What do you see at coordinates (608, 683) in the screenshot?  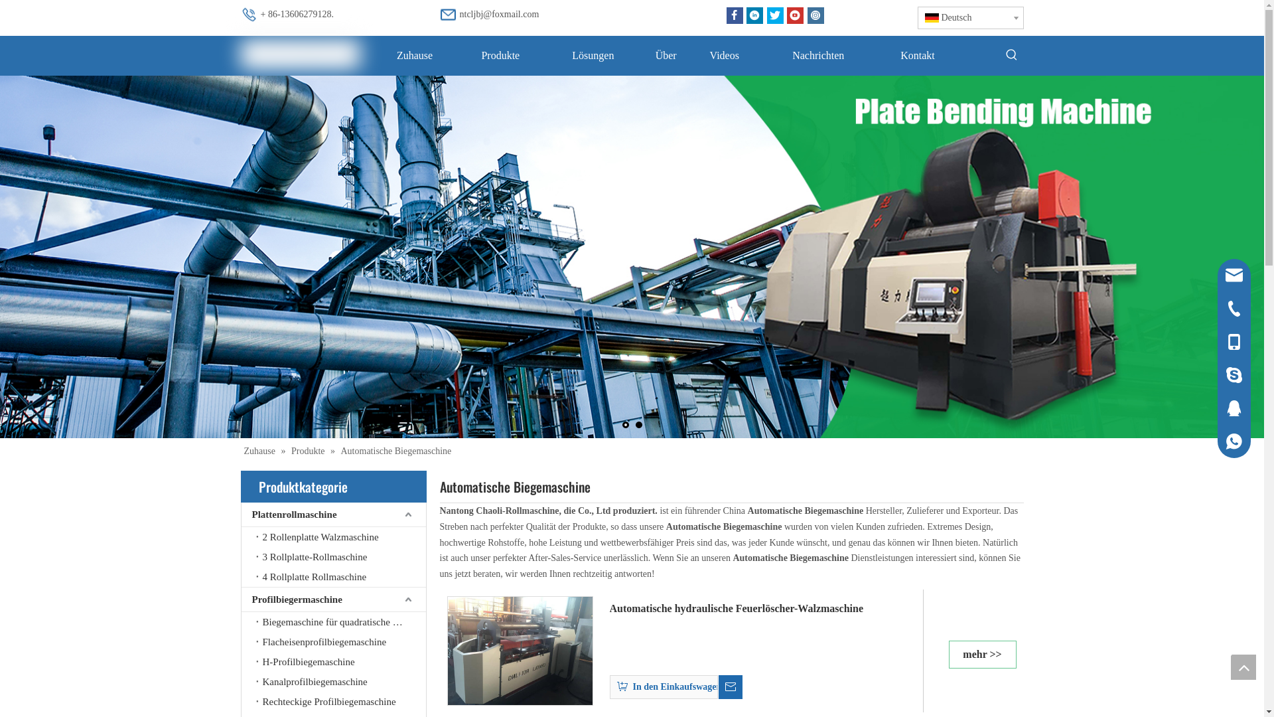 I see `' In den Einkaufswagen'` at bounding box center [608, 683].